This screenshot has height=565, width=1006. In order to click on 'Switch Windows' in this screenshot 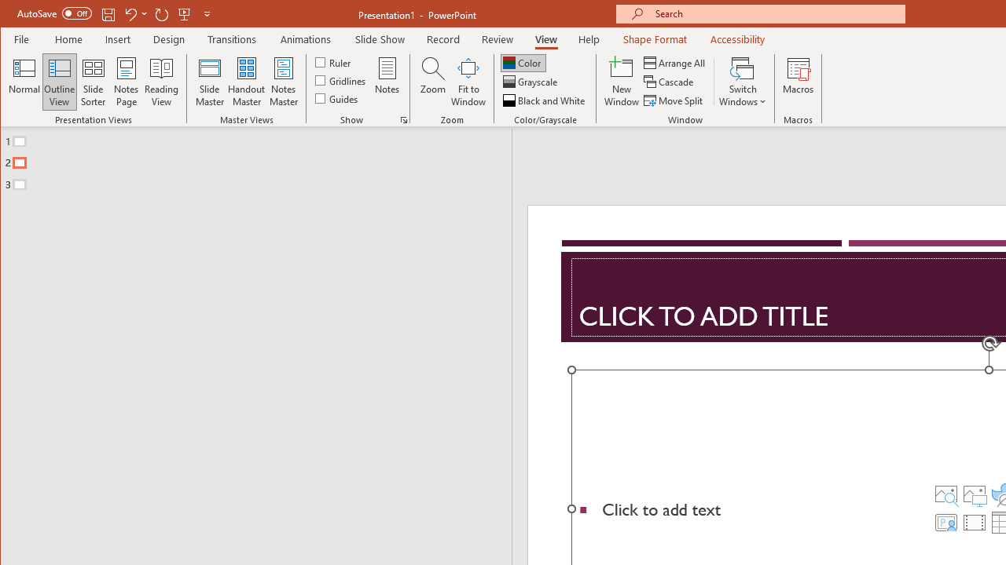, I will do `click(742, 82)`.